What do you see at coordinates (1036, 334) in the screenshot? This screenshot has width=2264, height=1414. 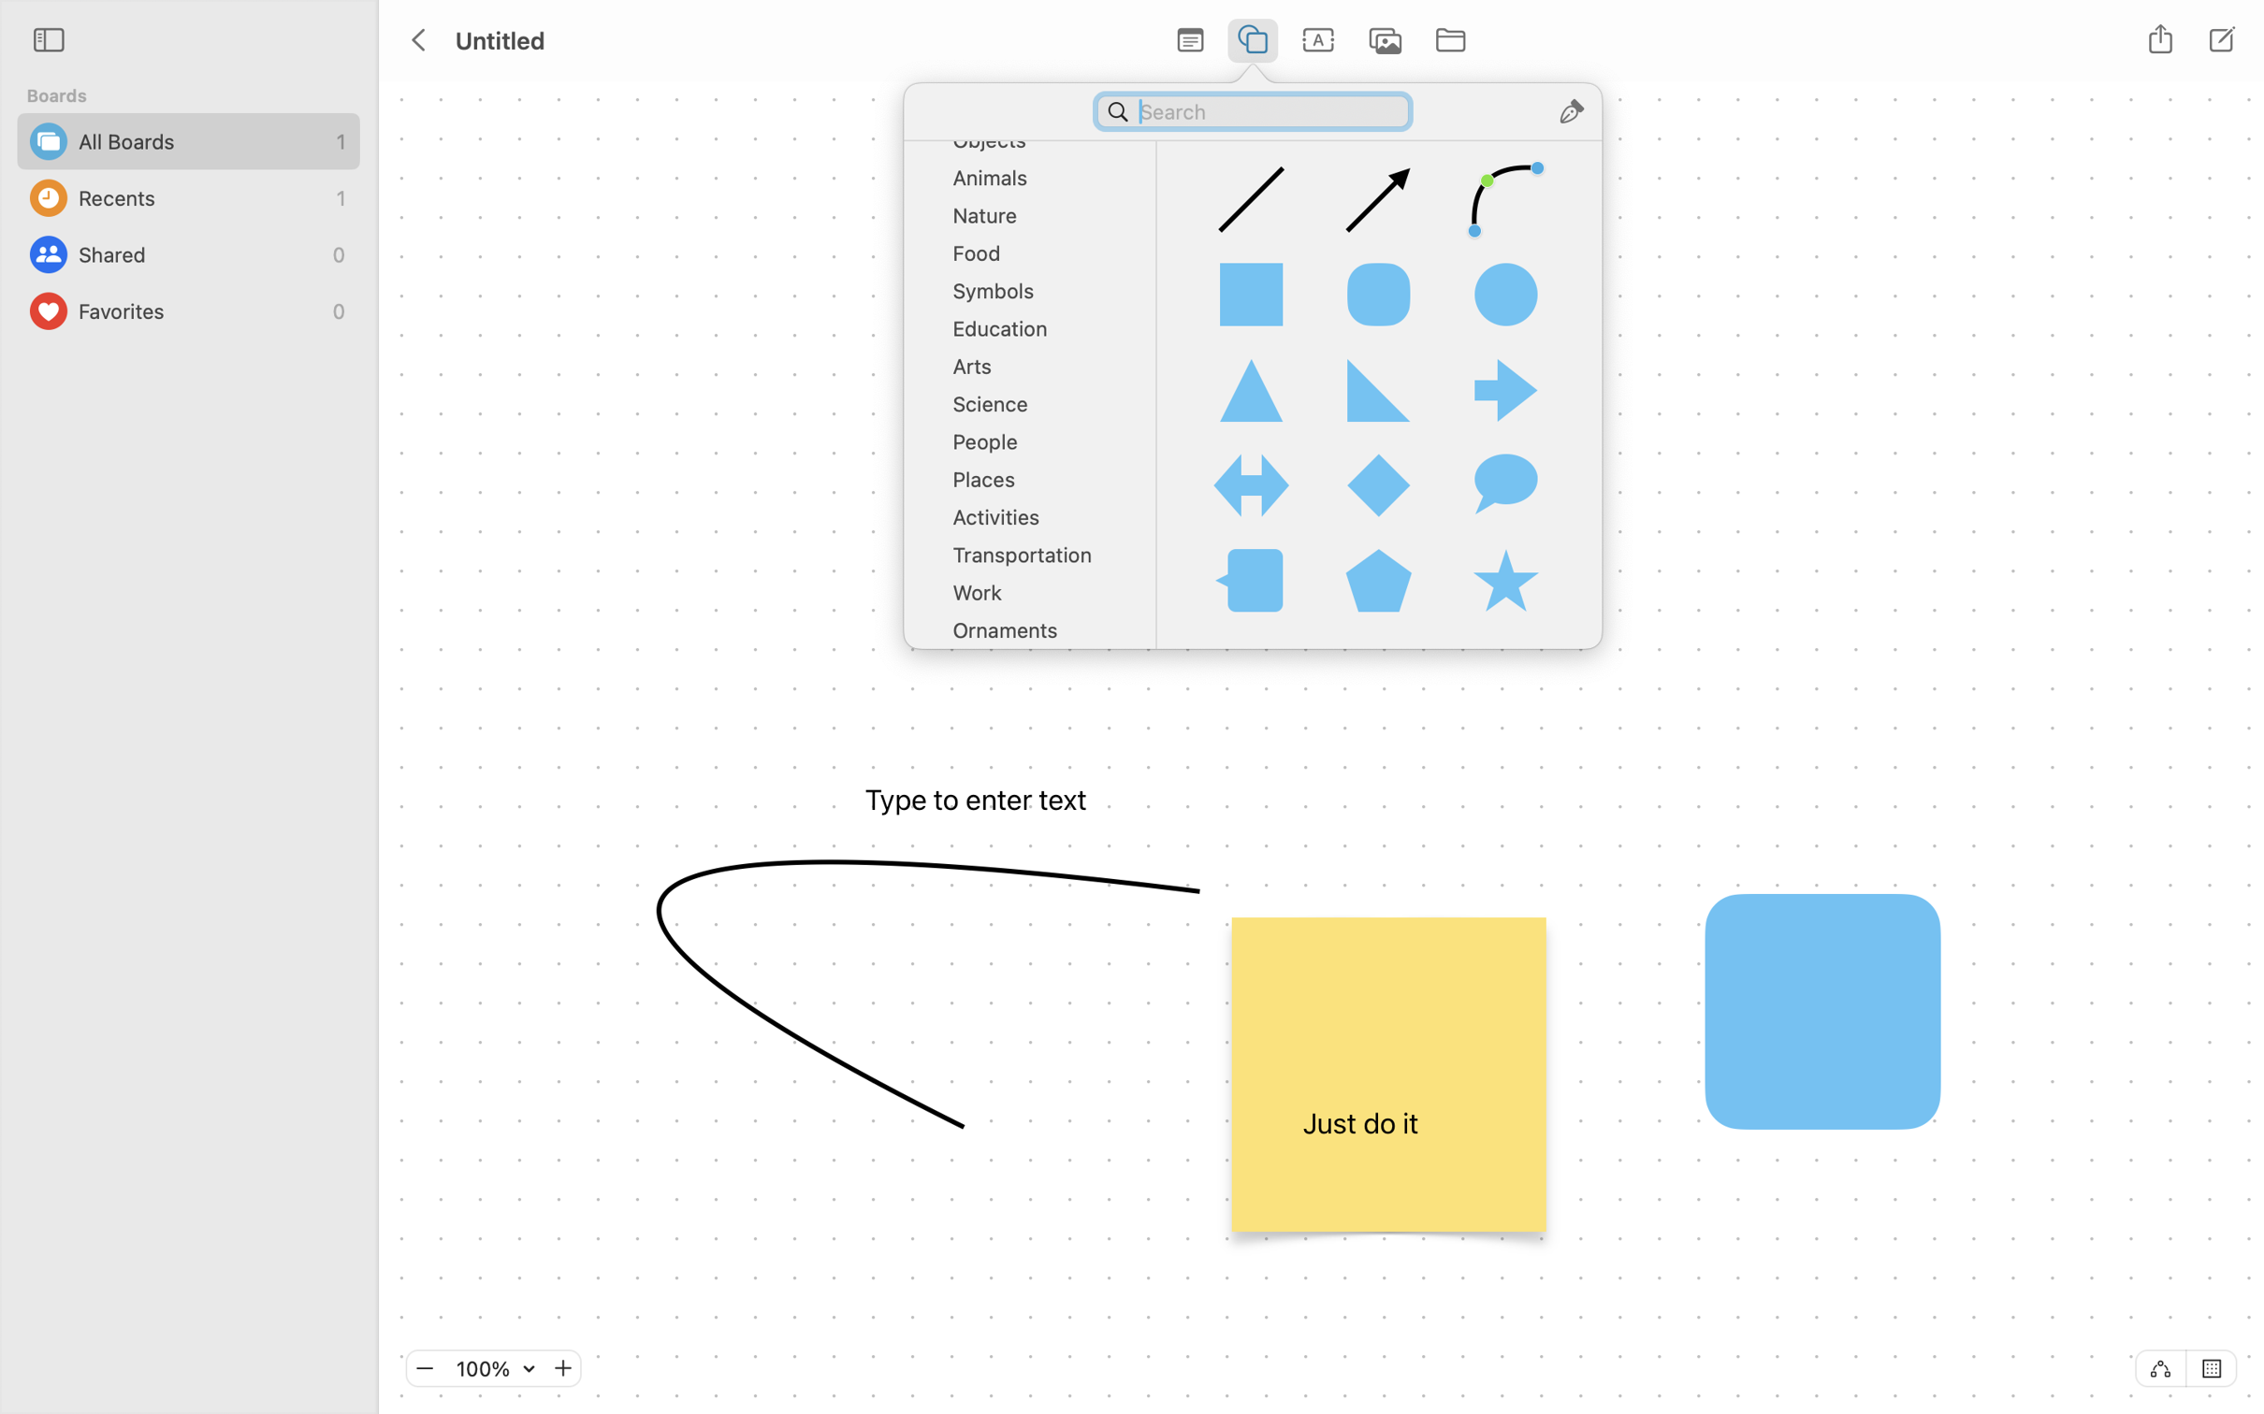 I see `'Education'` at bounding box center [1036, 334].